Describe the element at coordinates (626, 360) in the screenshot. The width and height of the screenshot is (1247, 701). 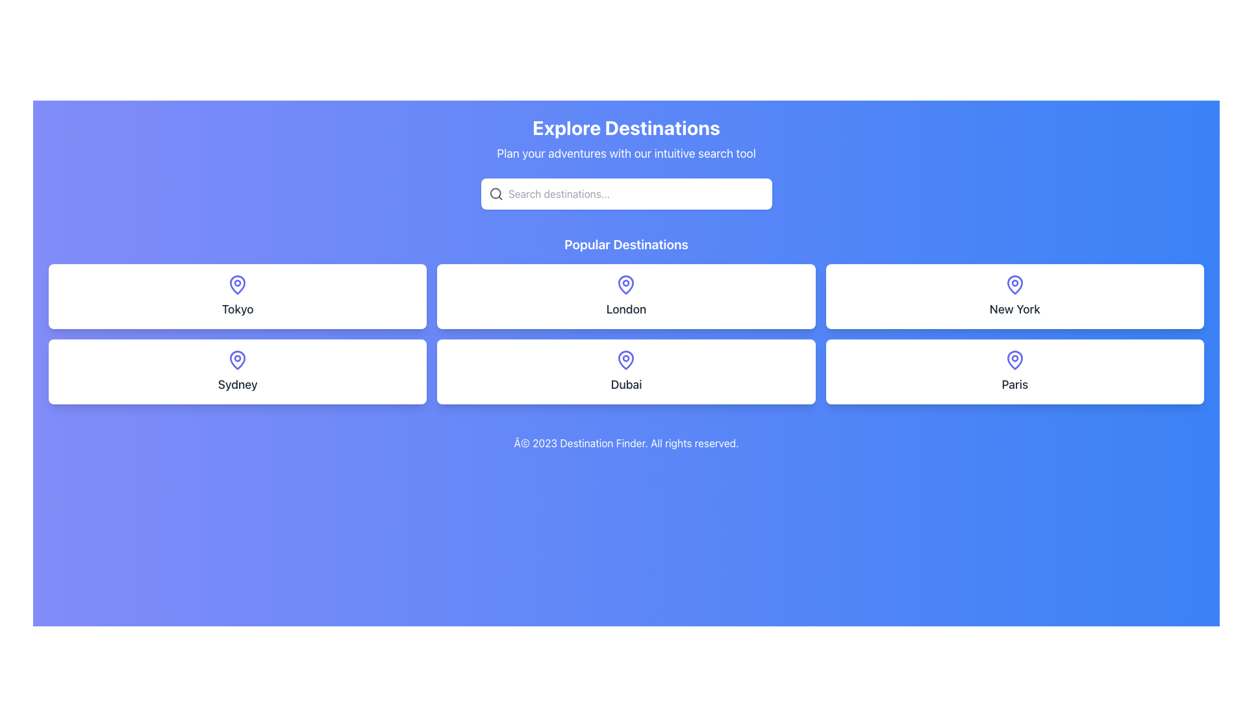
I see `the indigo map pin icon located at the top center of the 'Dubai' card` at that location.